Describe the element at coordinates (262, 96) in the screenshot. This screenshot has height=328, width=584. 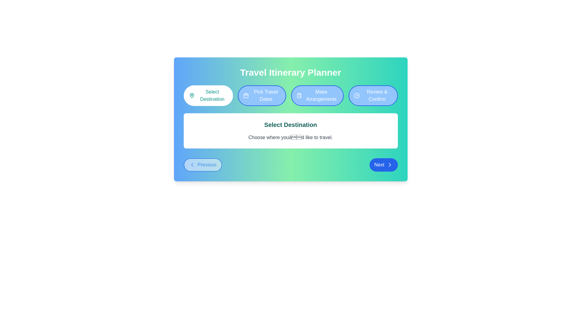
I see `the oval button labeled 'Pick Travel Dates' with a blue background and white border` at that location.